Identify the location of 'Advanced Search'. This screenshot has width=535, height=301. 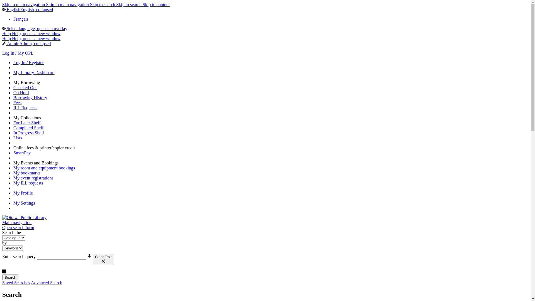
(30, 283).